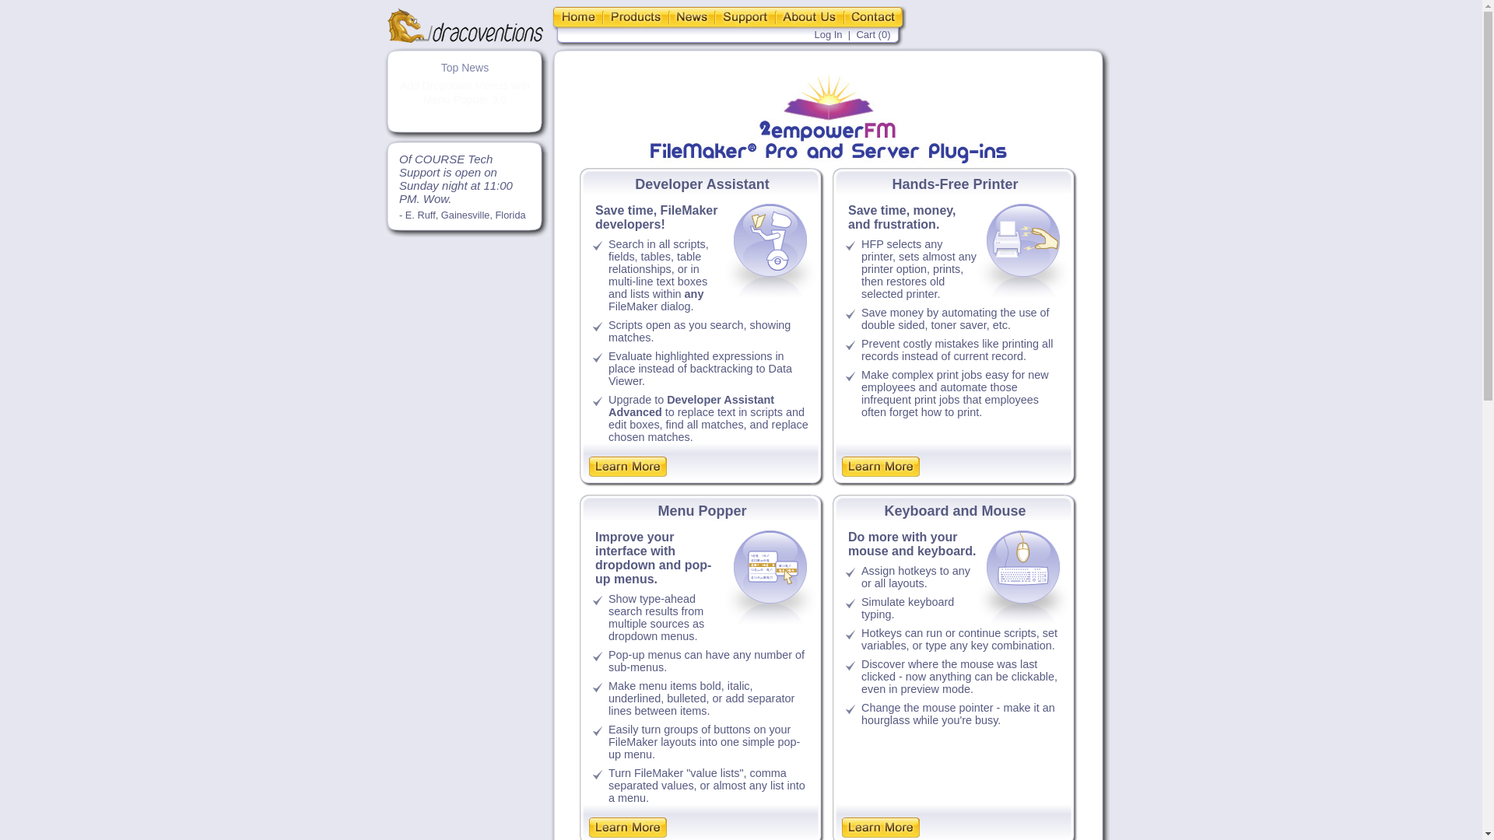 The image size is (1494, 840). I want to click on 'Top News', so click(464, 67).